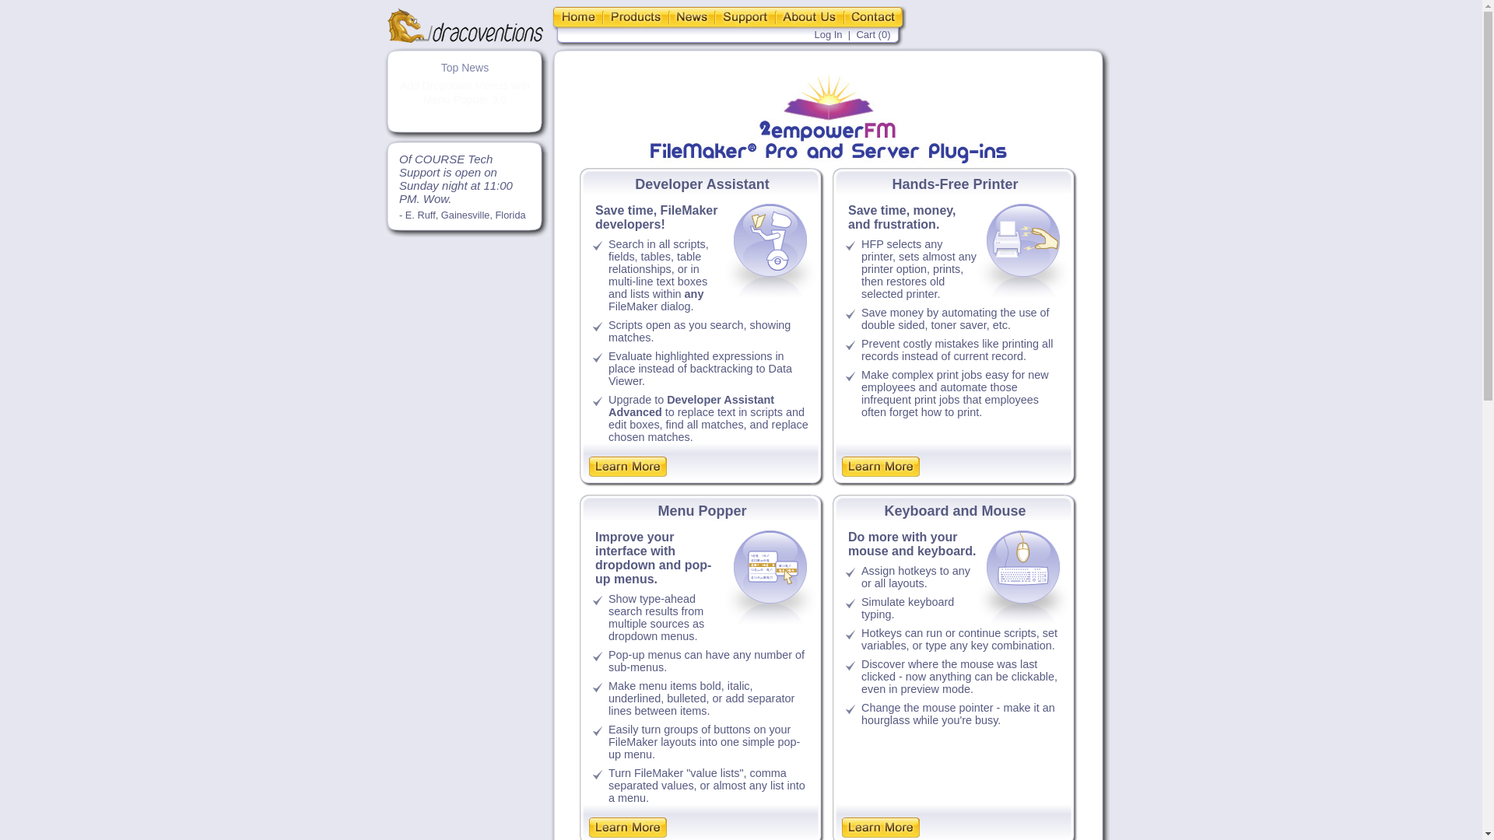 The image size is (1494, 840). I want to click on 'Top News', so click(464, 67).